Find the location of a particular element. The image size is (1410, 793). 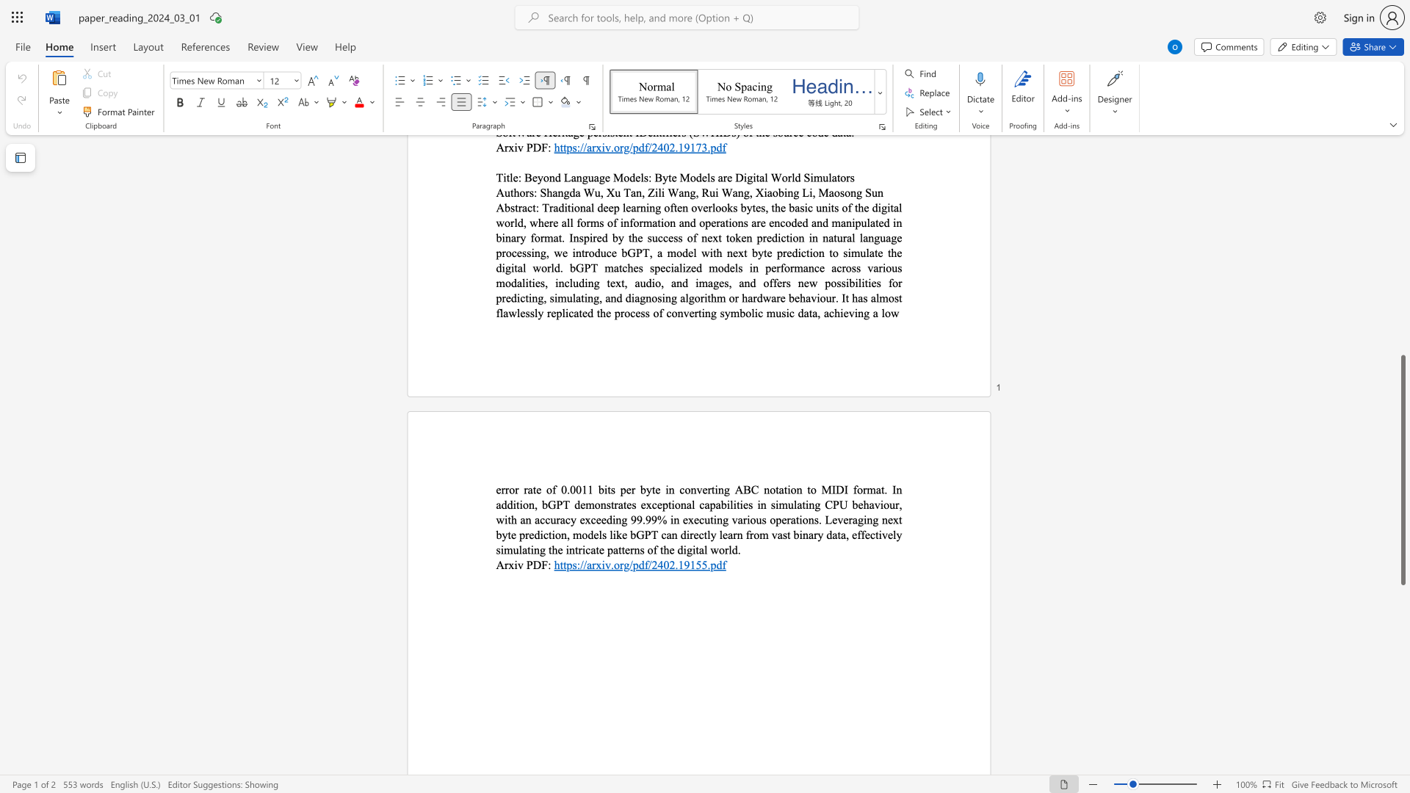

the scrollbar to move the page up is located at coordinates (1402, 168).